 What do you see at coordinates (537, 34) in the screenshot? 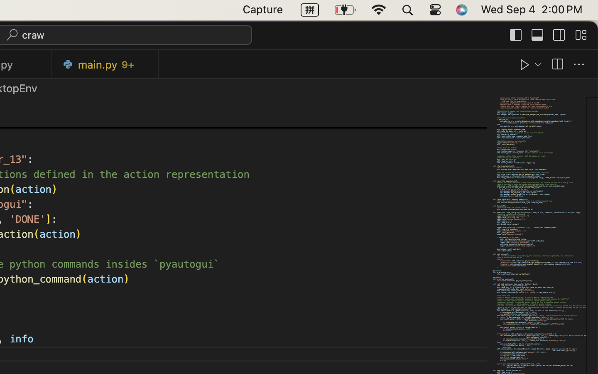
I see `''` at bounding box center [537, 34].